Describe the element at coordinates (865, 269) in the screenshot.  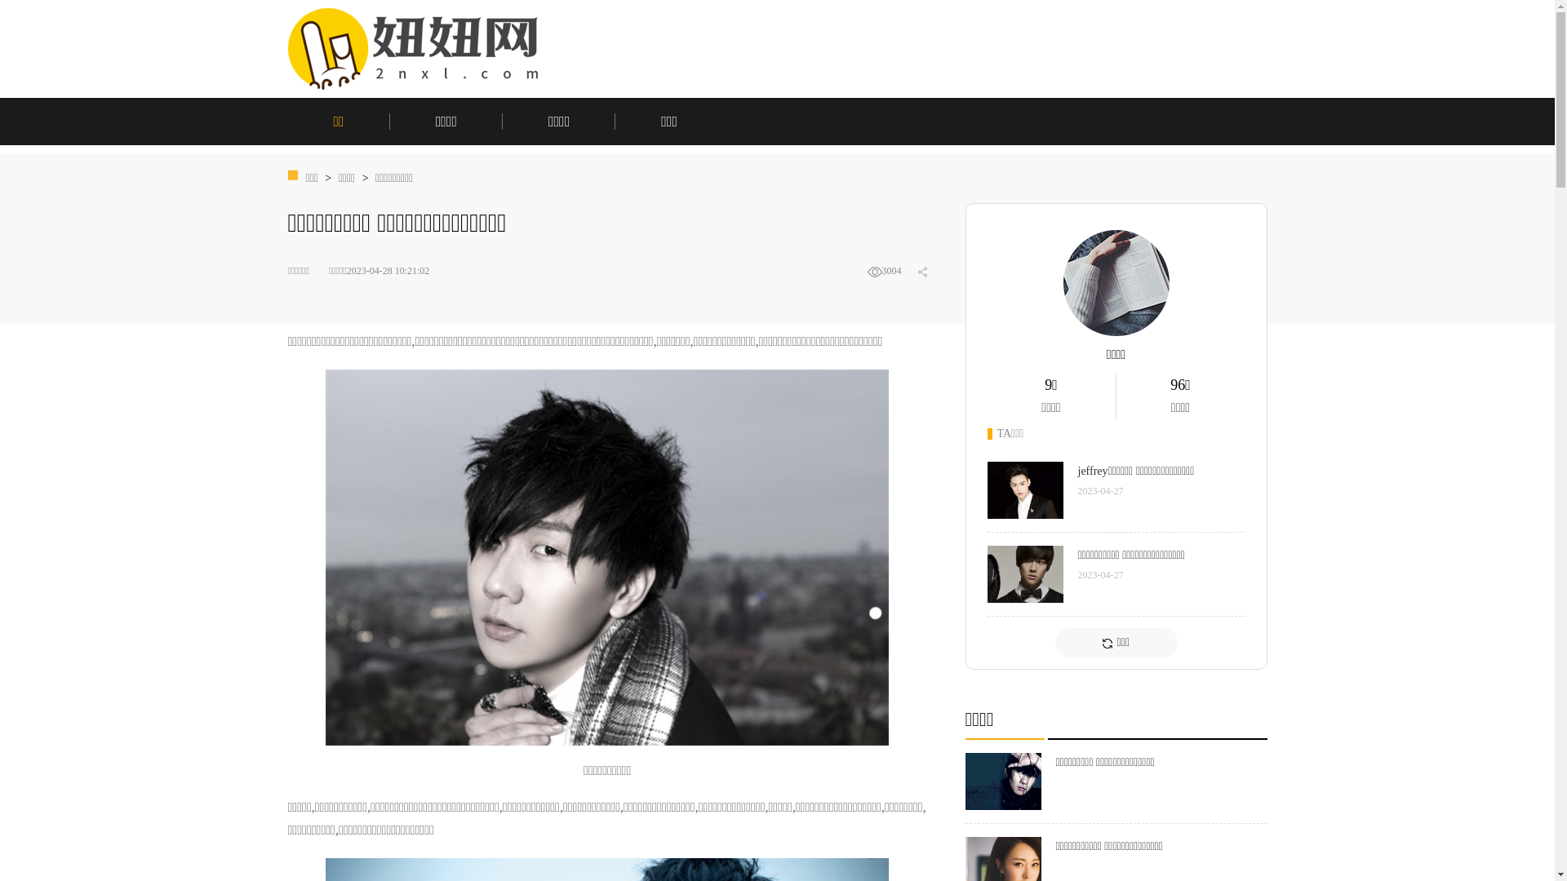
I see `'3004'` at that location.